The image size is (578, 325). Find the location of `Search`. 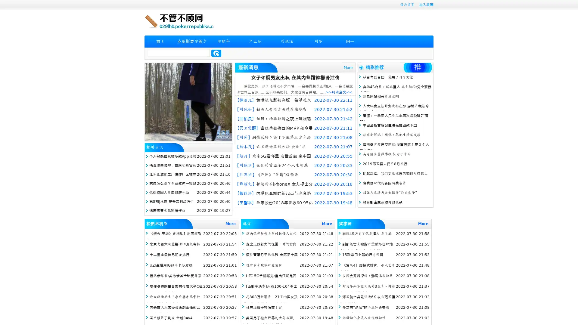

Search is located at coordinates (216, 53).